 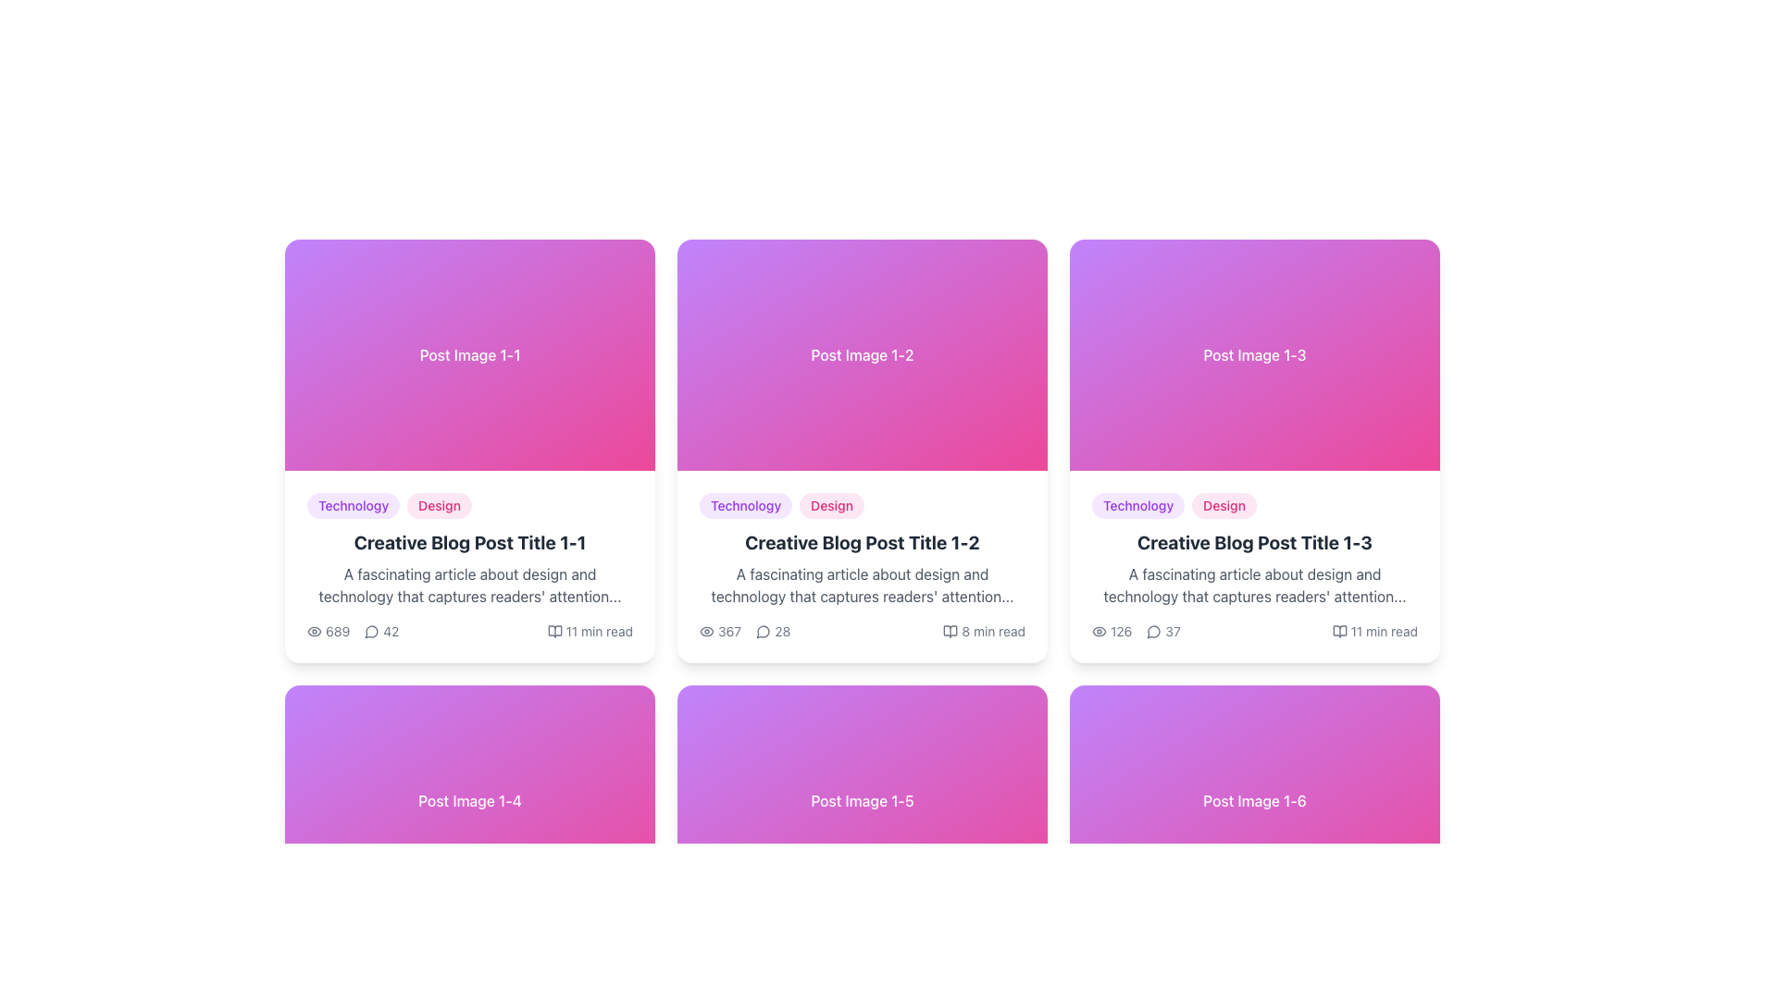 I want to click on the open book icon located at the bottom-right corner of the 'Creative Blog Post Title 1-1' card, adjacent to the '11 min read' text, so click(x=553, y=630).